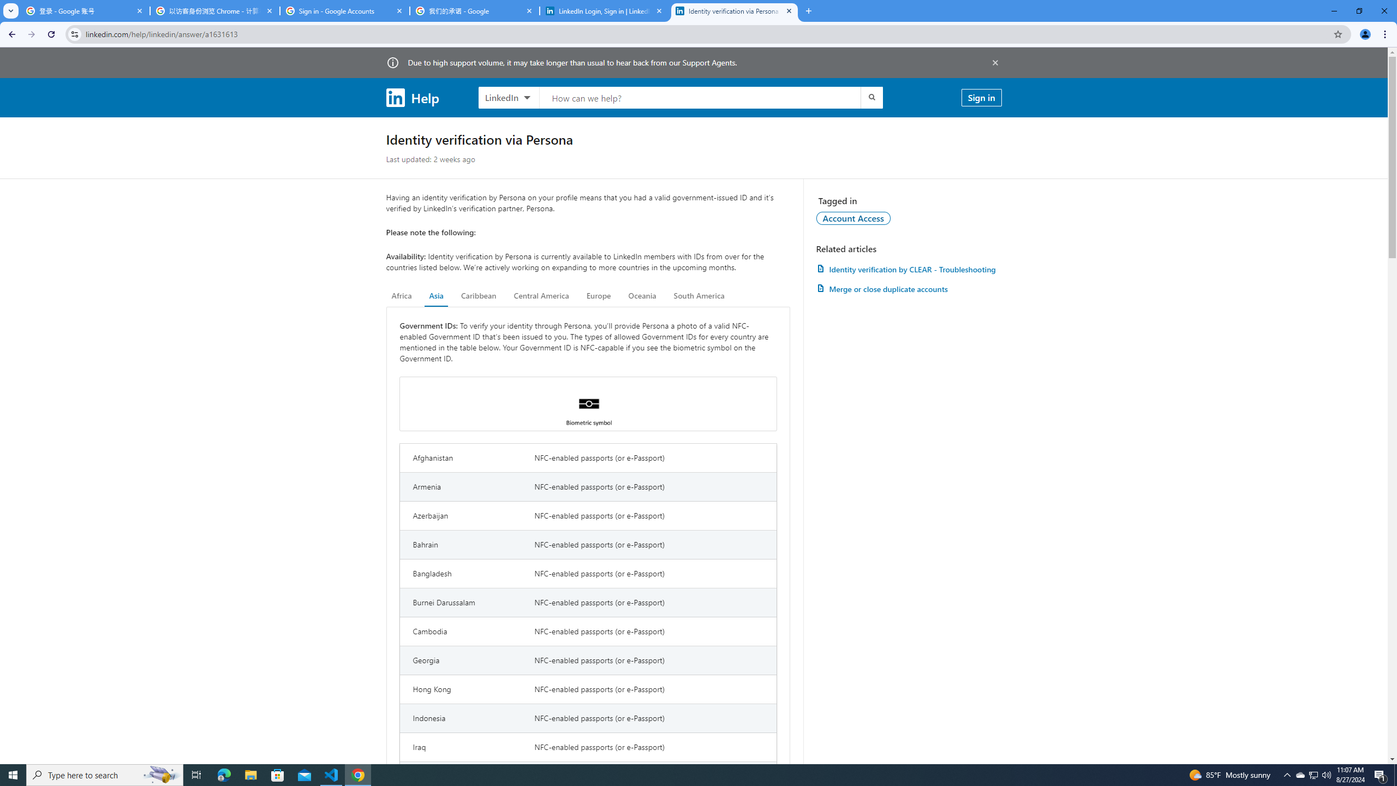 This screenshot has height=786, width=1397. What do you see at coordinates (344, 10) in the screenshot?
I see `'Sign in - Google Accounts'` at bounding box center [344, 10].